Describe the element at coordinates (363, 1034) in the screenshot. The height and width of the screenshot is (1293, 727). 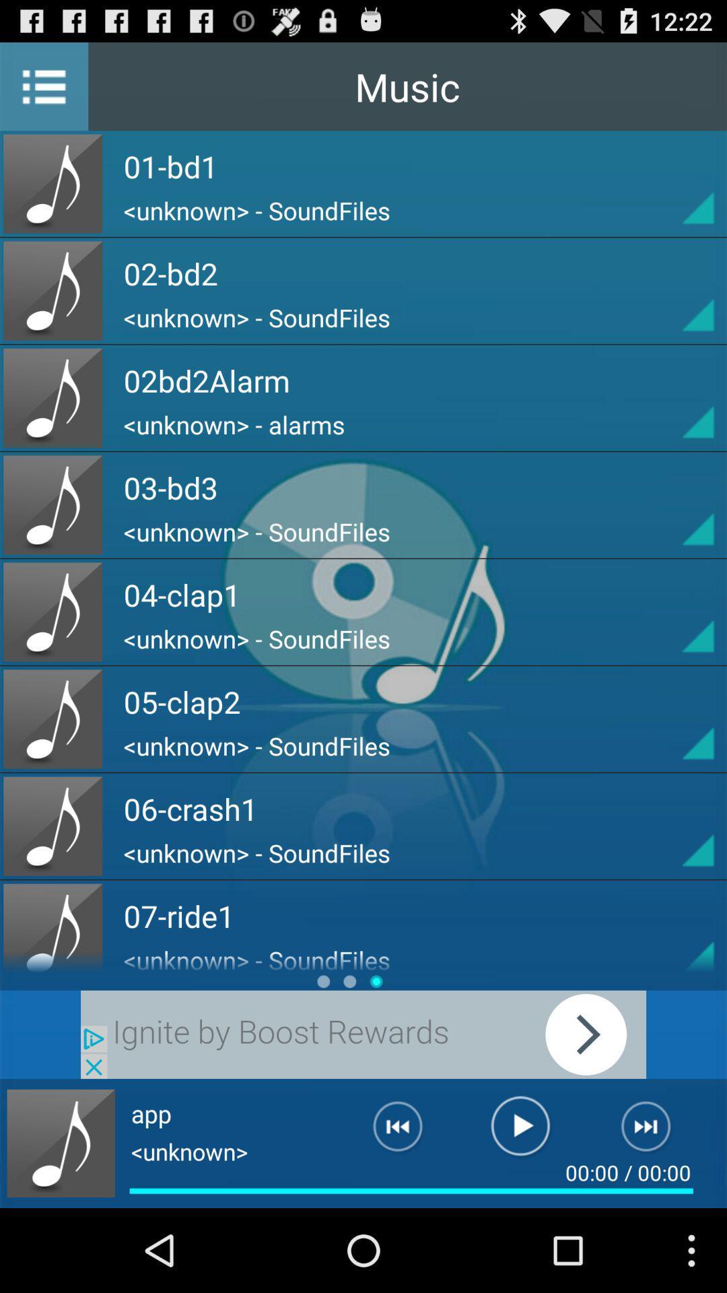
I see `play` at that location.